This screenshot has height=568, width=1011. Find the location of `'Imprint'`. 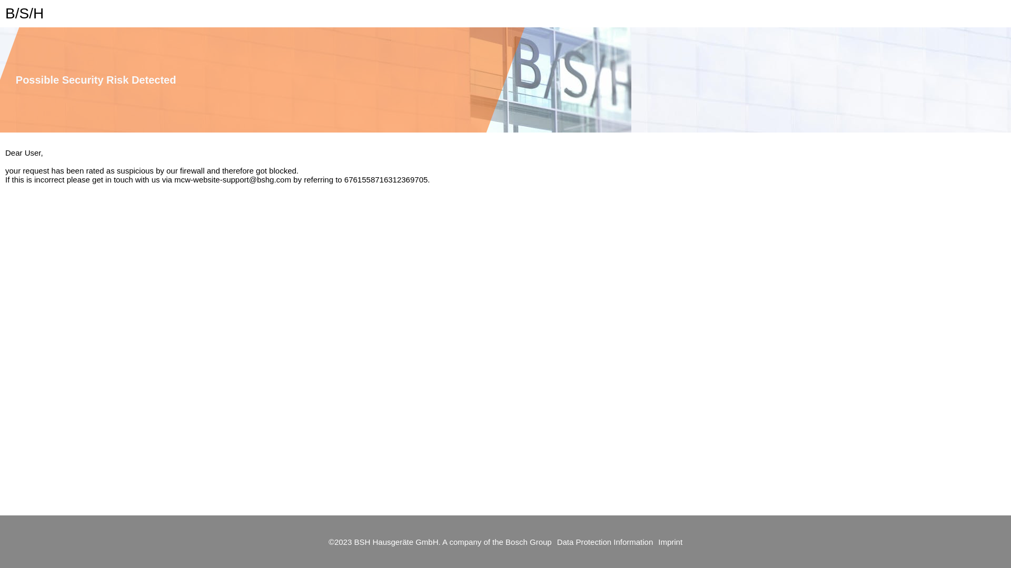

'Imprint' is located at coordinates (657, 542).